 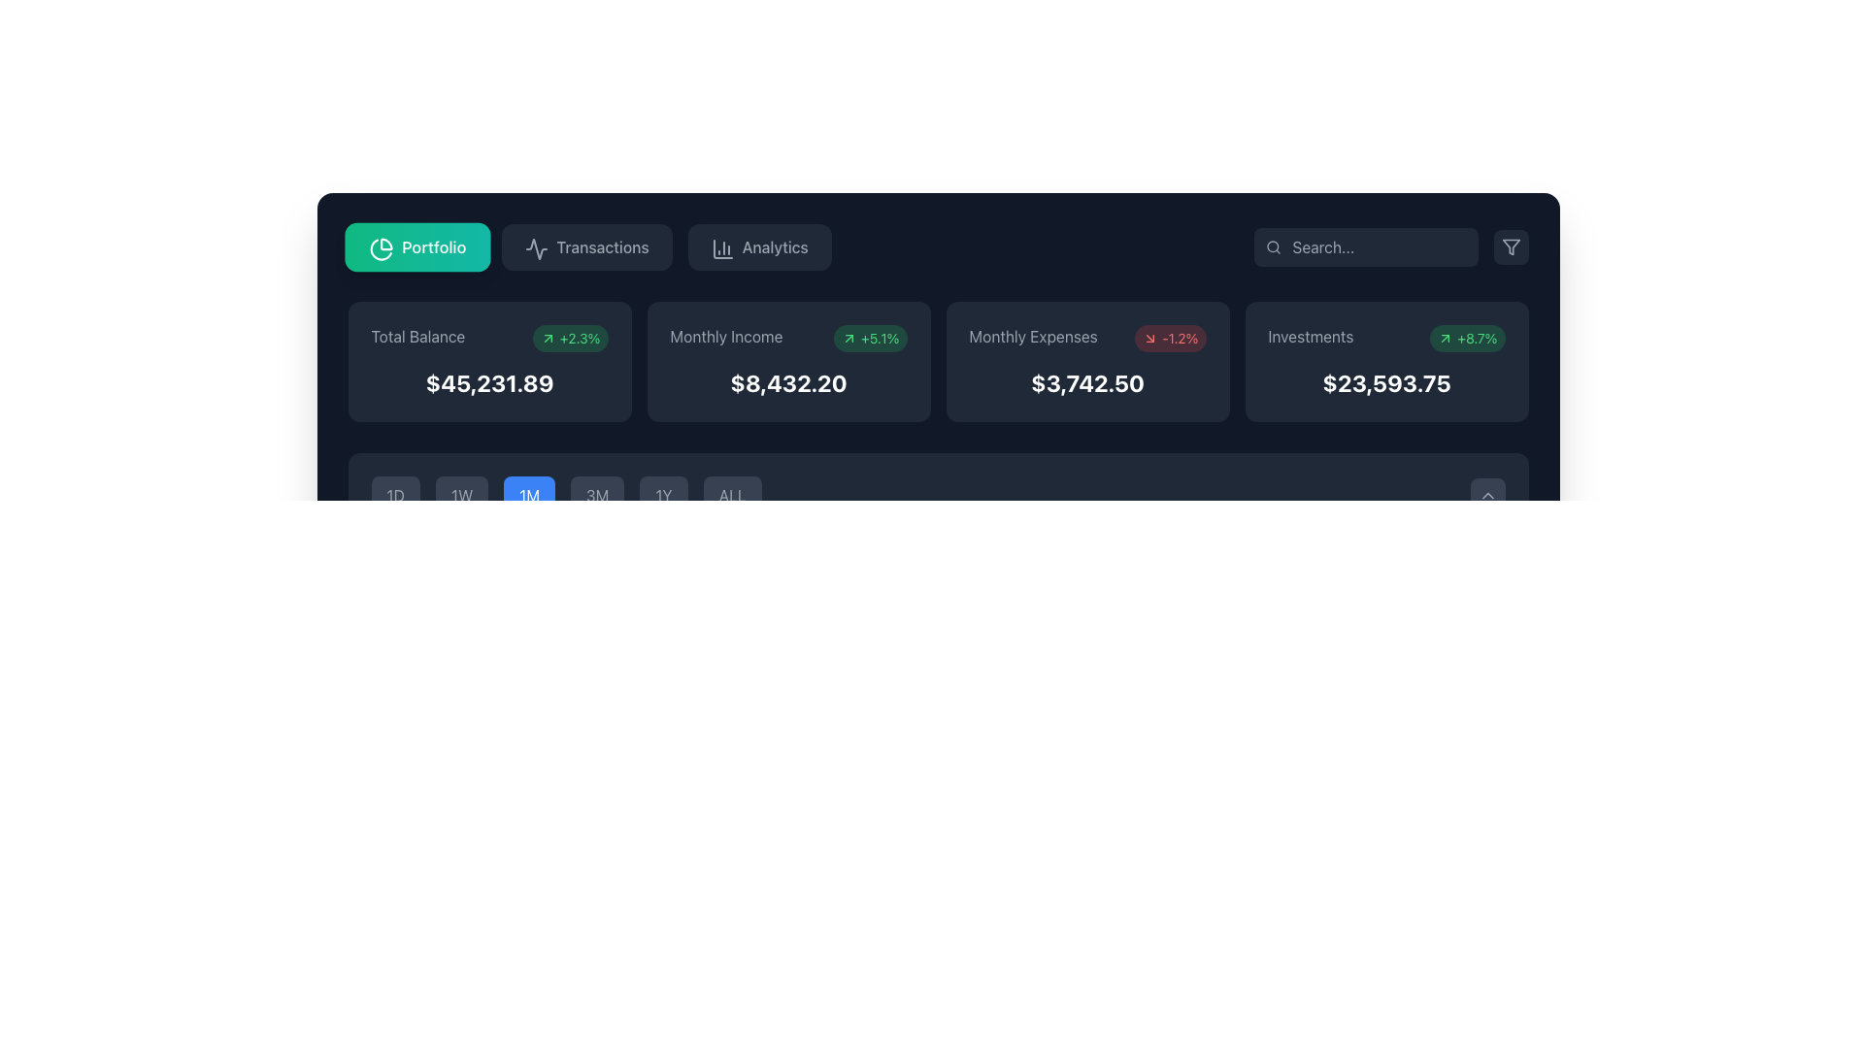 What do you see at coordinates (849, 337) in the screenshot?
I see `the appearance of the small arrow icon indicating growth, located within the green rounded rectangle that contains the text '+5.1%' in the 'Monthly Income' card` at bounding box center [849, 337].